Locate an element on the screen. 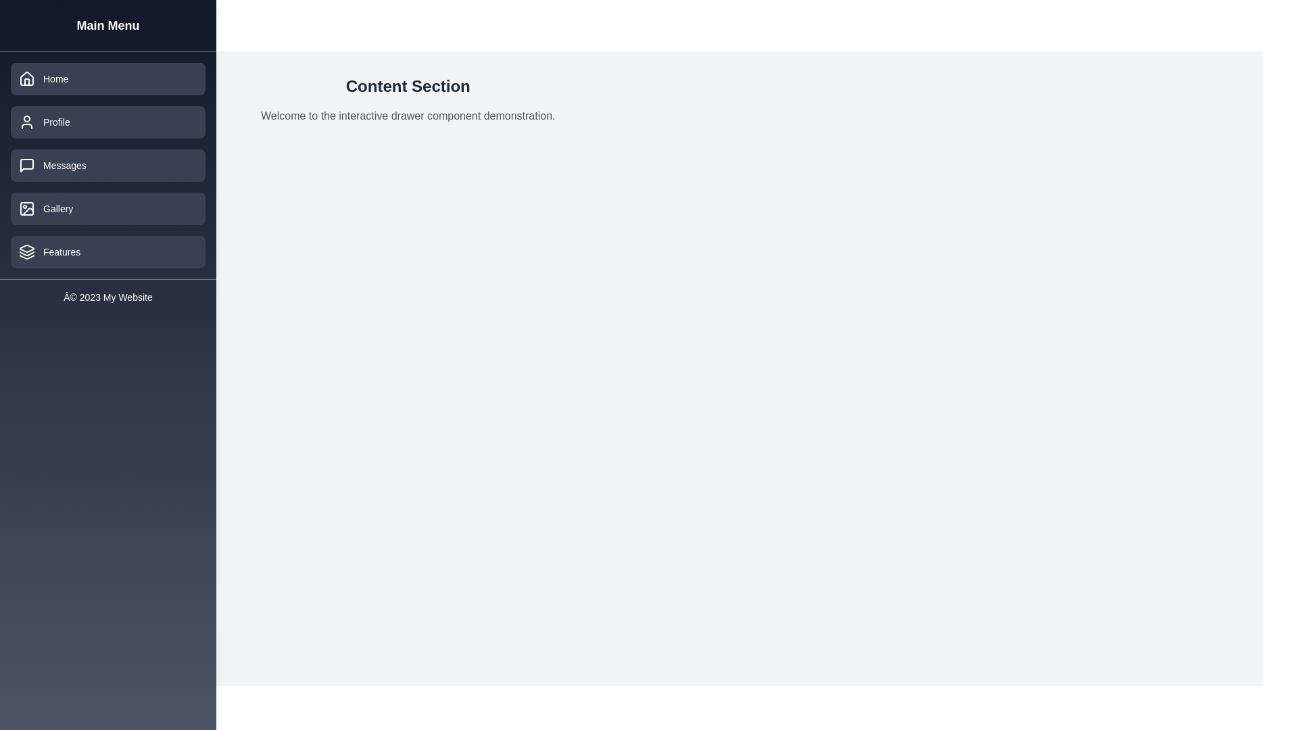 Image resolution: width=1298 pixels, height=730 pixels. the third layer of the icon, which is a curved triangular shape, part of the 'Features' menu button in the sidebar is located at coordinates (26, 257).